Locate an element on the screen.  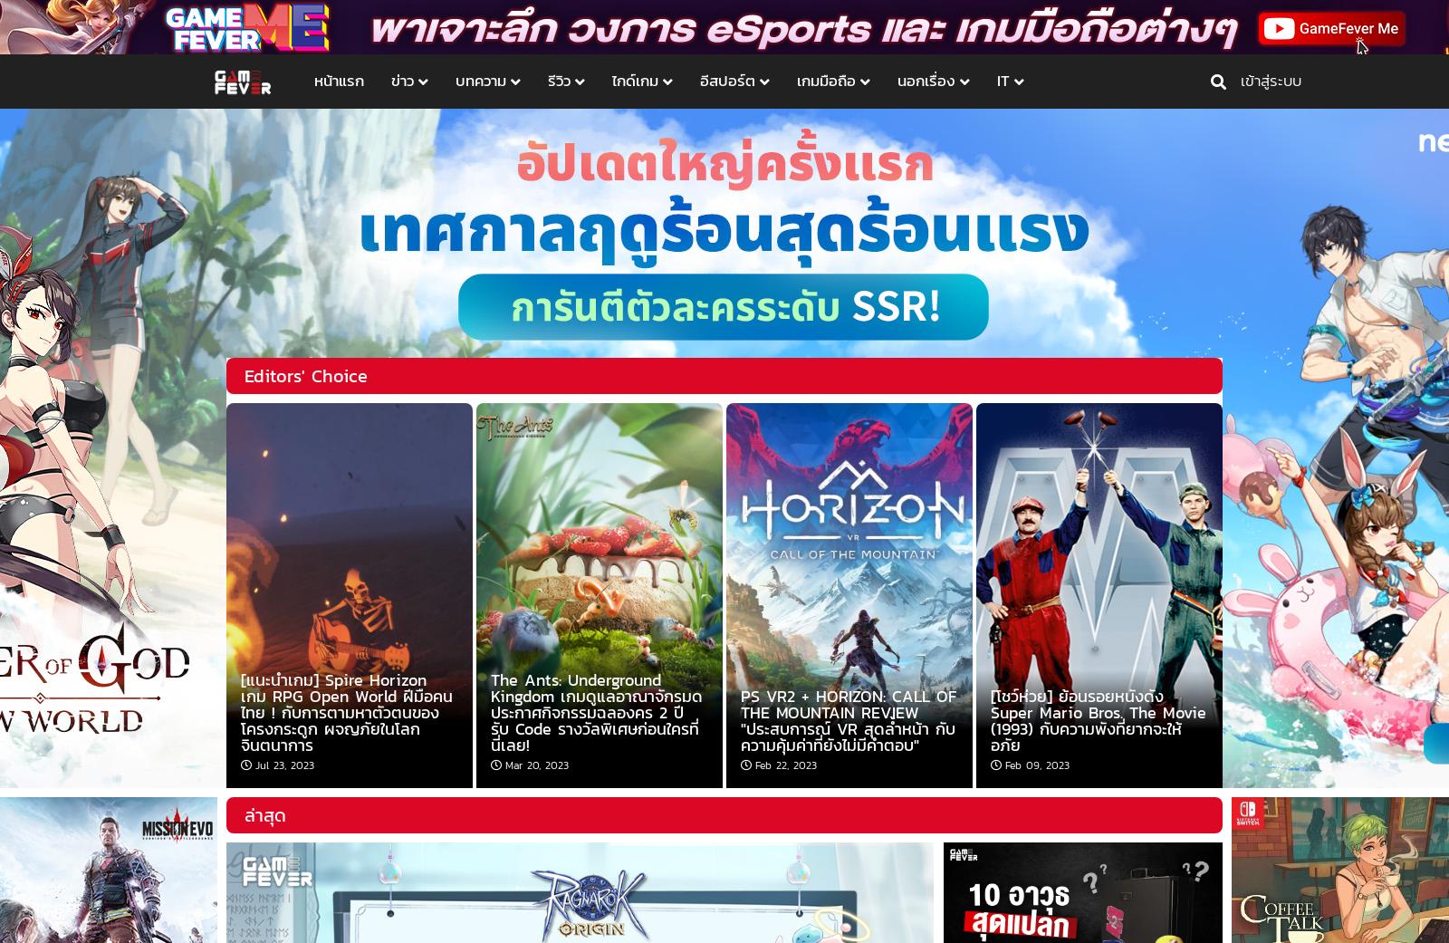
'Feb 09, 2023' is located at coordinates (1037, 764).